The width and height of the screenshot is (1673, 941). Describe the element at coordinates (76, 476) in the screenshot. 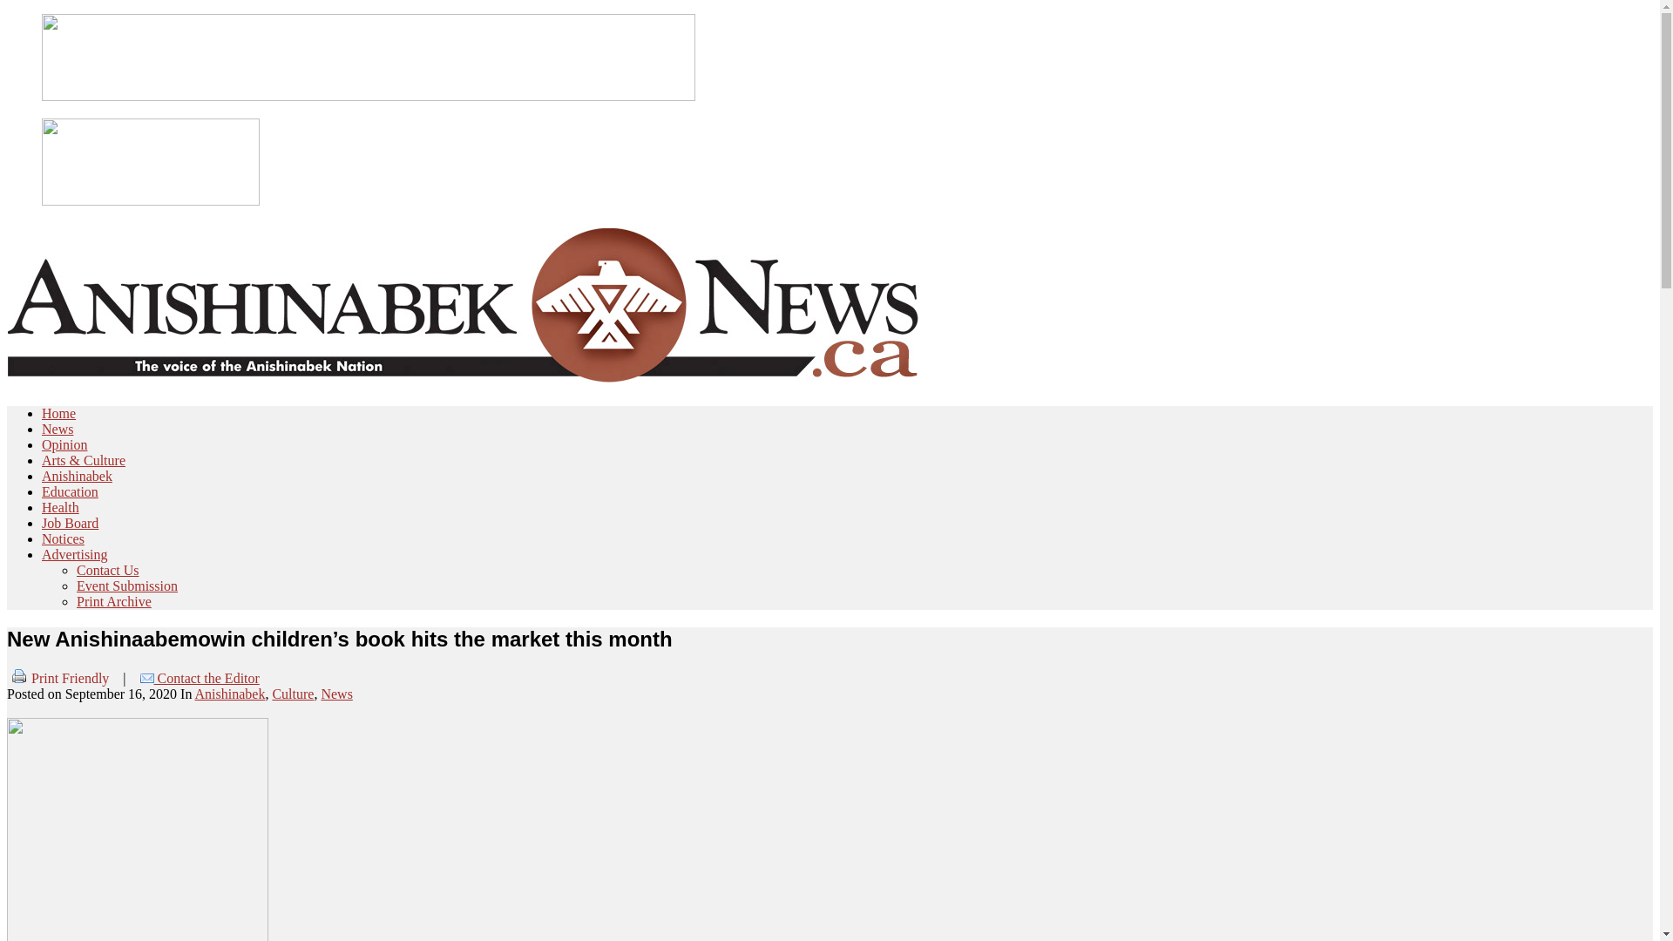

I see `'Anishinabek'` at that location.